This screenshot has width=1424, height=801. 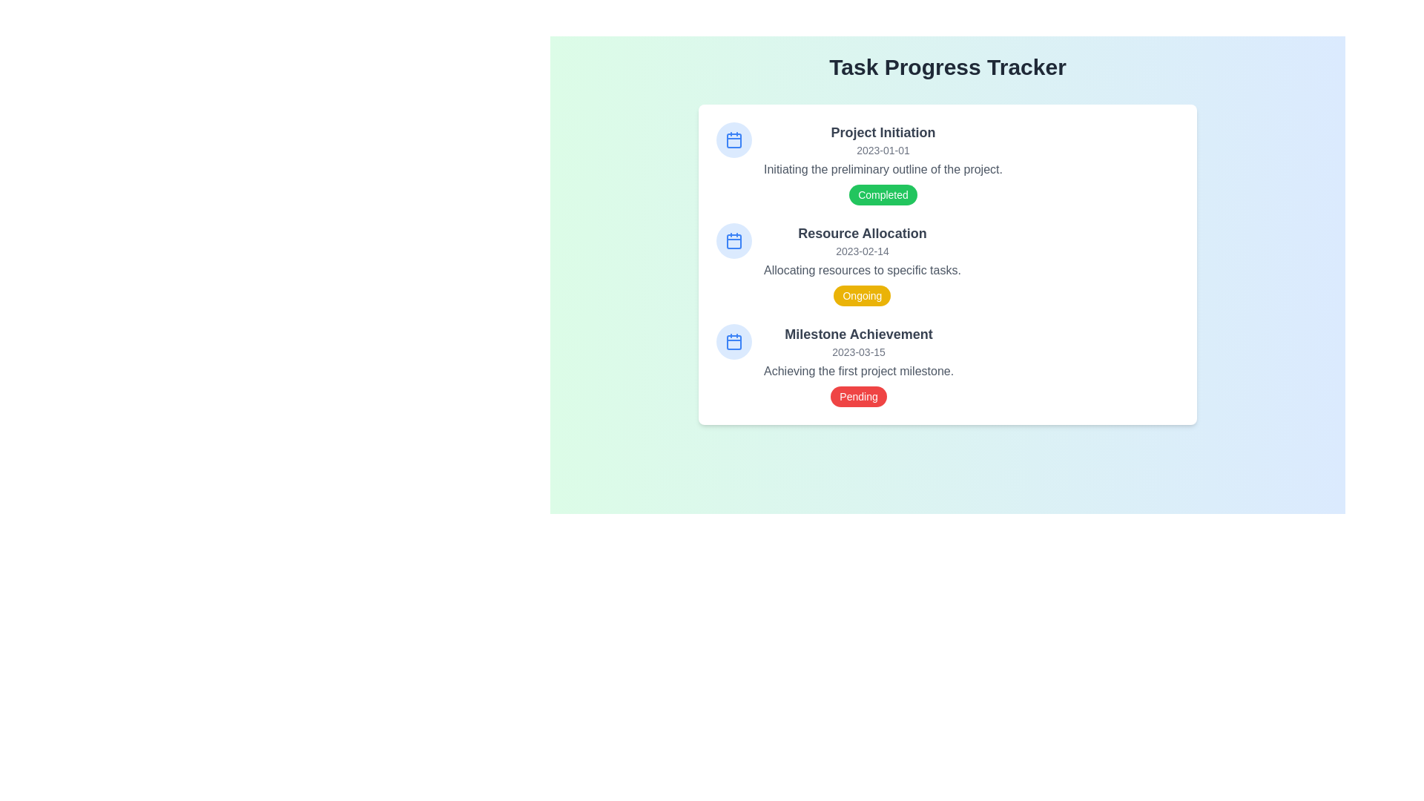 I want to click on the composite UI block containing the title 'Project Initiation', the date '2023-01-01', the description, and the 'Completed' button, so click(x=883, y=163).